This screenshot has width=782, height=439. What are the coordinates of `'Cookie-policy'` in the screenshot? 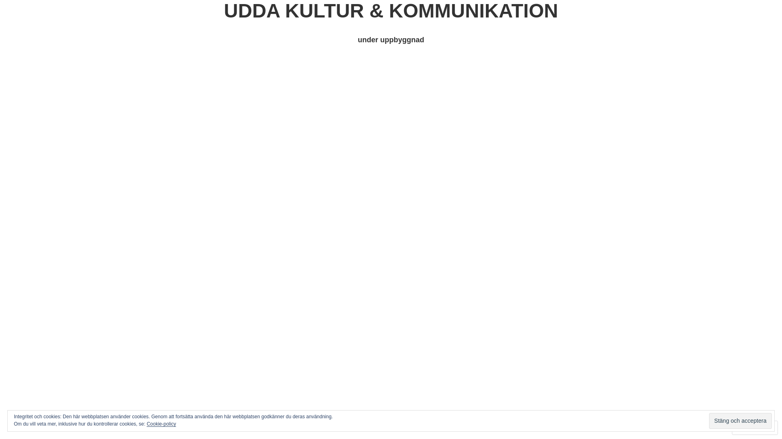 It's located at (161, 423).